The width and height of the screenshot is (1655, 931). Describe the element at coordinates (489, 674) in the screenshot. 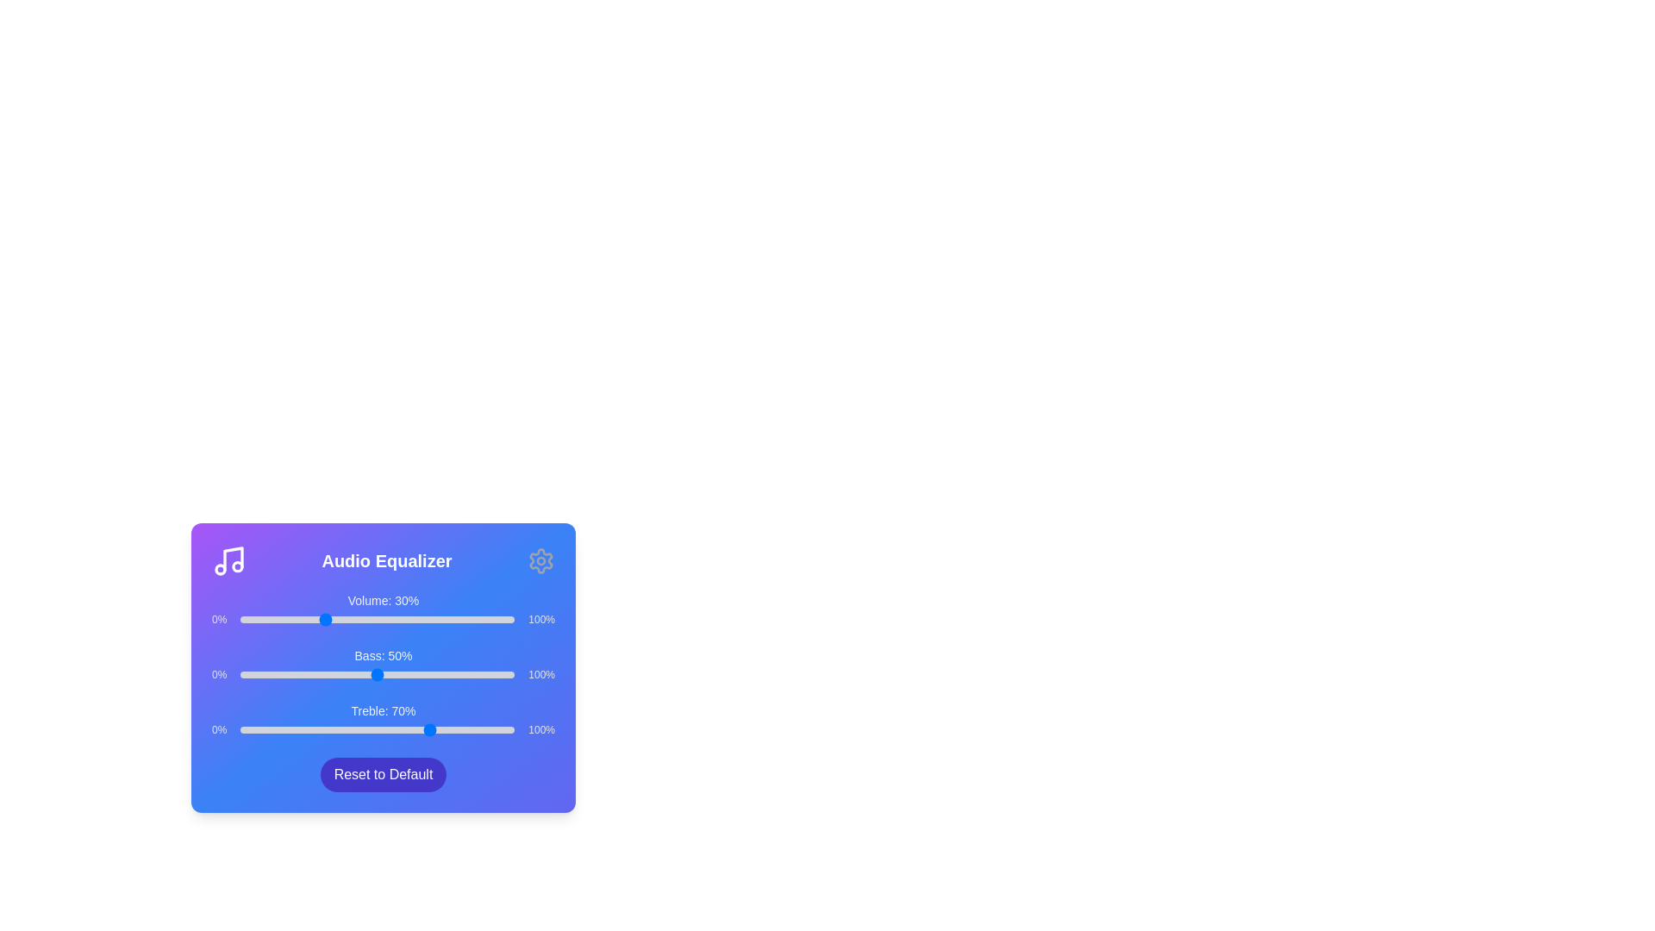

I see `the Bass slider to 91%` at that location.